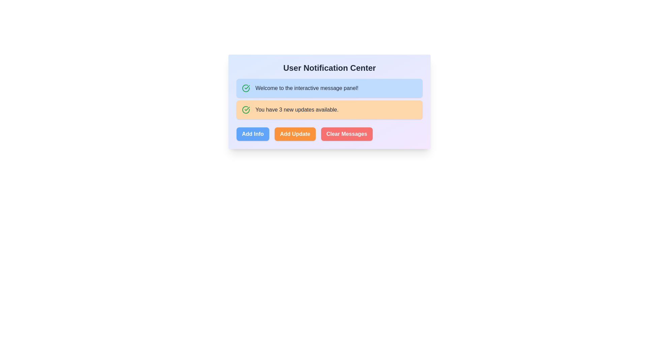 This screenshot has width=647, height=364. What do you see at coordinates (330, 88) in the screenshot?
I see `the Informational panel element that features a green circular check icon and the text 'Welcome to the interactive message panel!' with a soft blue background, located below the 'User Notification Center' header` at bounding box center [330, 88].